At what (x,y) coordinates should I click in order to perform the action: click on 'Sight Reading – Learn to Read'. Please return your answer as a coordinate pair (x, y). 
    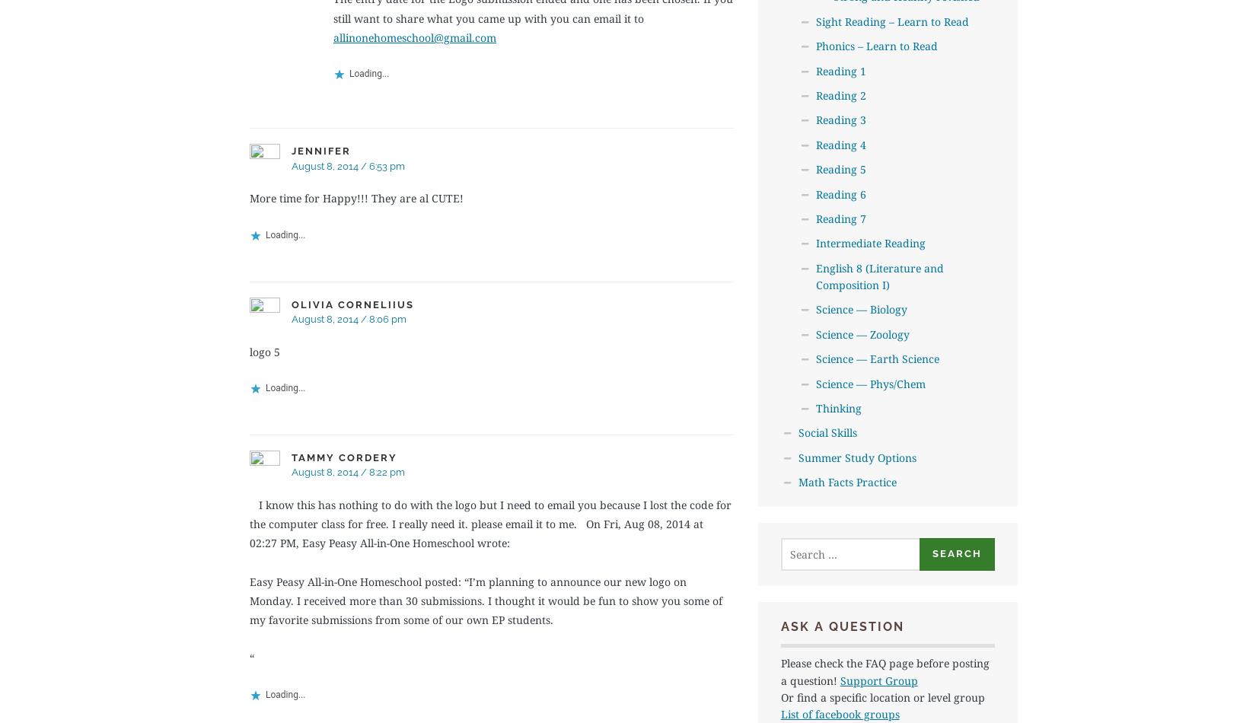
    Looking at the image, I should click on (891, 21).